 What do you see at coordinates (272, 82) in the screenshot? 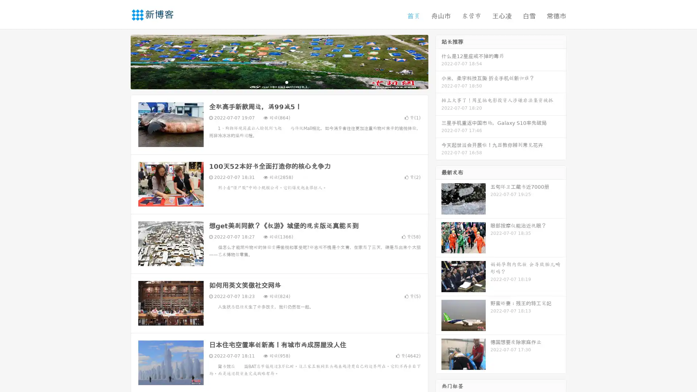
I see `Go to slide 1` at bounding box center [272, 82].